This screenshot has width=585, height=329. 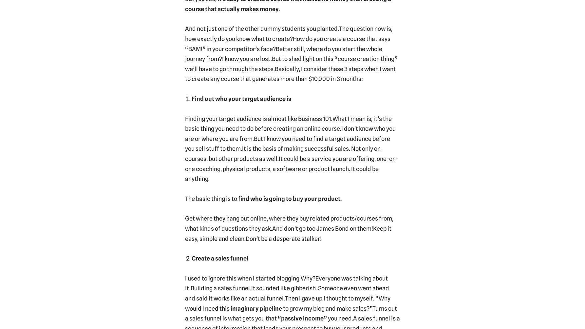 I want to click on 'I used to ignore this when I started blogging.', so click(x=242, y=278).